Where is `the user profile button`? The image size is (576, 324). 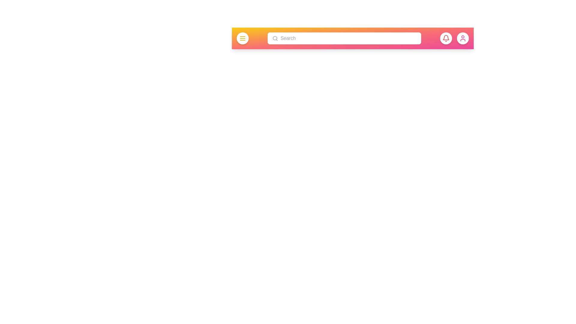 the user profile button is located at coordinates (462, 38).